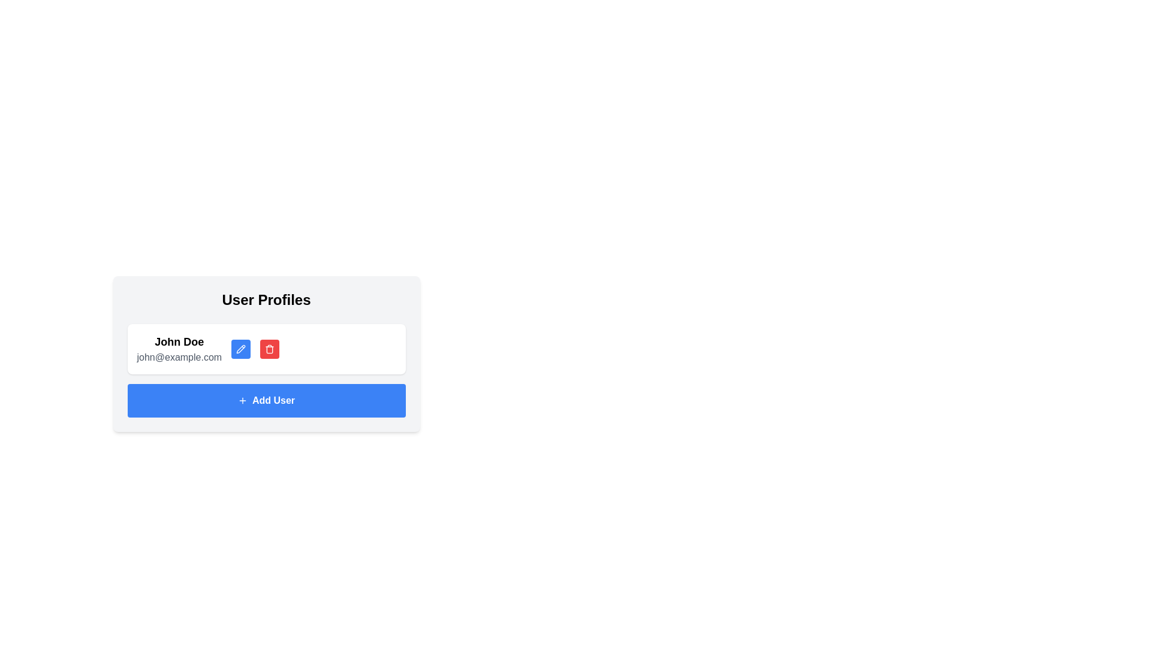 This screenshot has height=647, width=1151. I want to click on the user's profile information display in the 'User Profiles' section, which includes an edit and delete button on its right side, so click(208, 349).